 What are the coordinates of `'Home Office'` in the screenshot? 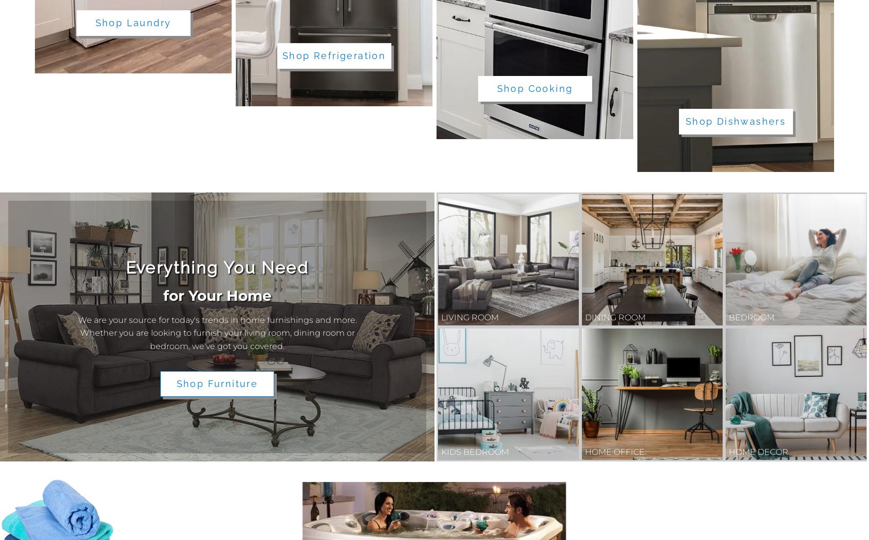 It's located at (614, 451).